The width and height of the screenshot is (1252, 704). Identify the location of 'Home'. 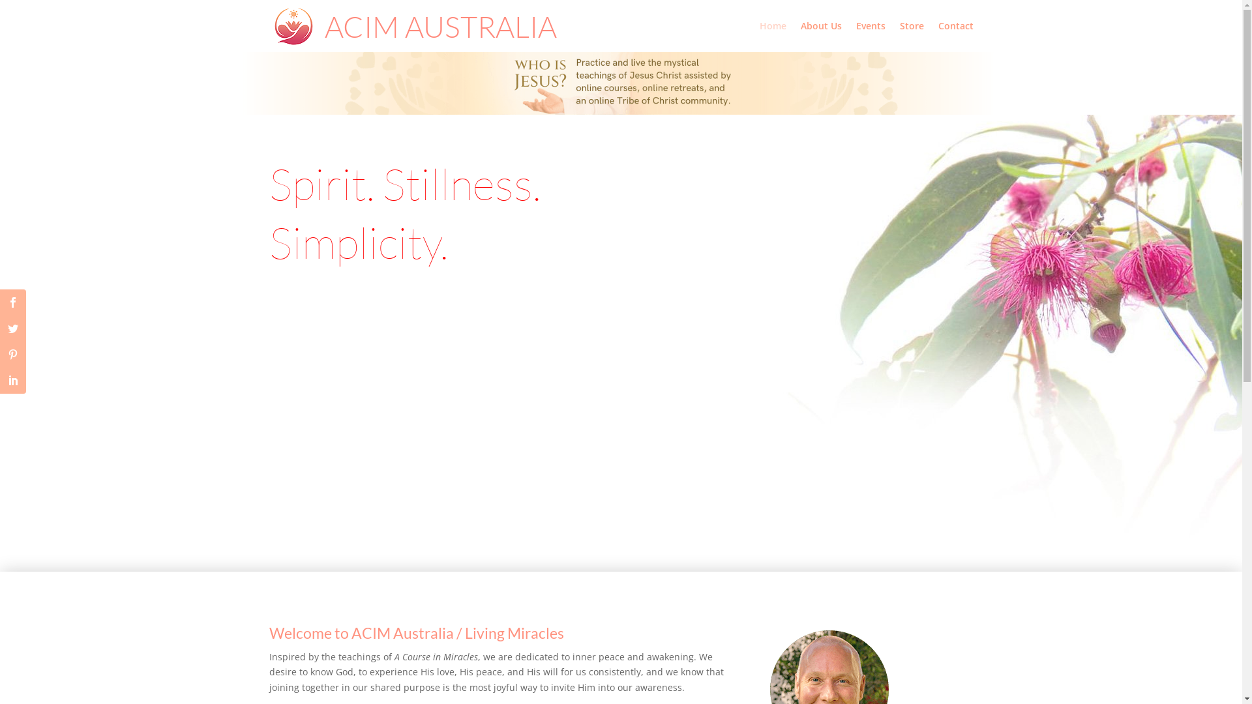
(772, 36).